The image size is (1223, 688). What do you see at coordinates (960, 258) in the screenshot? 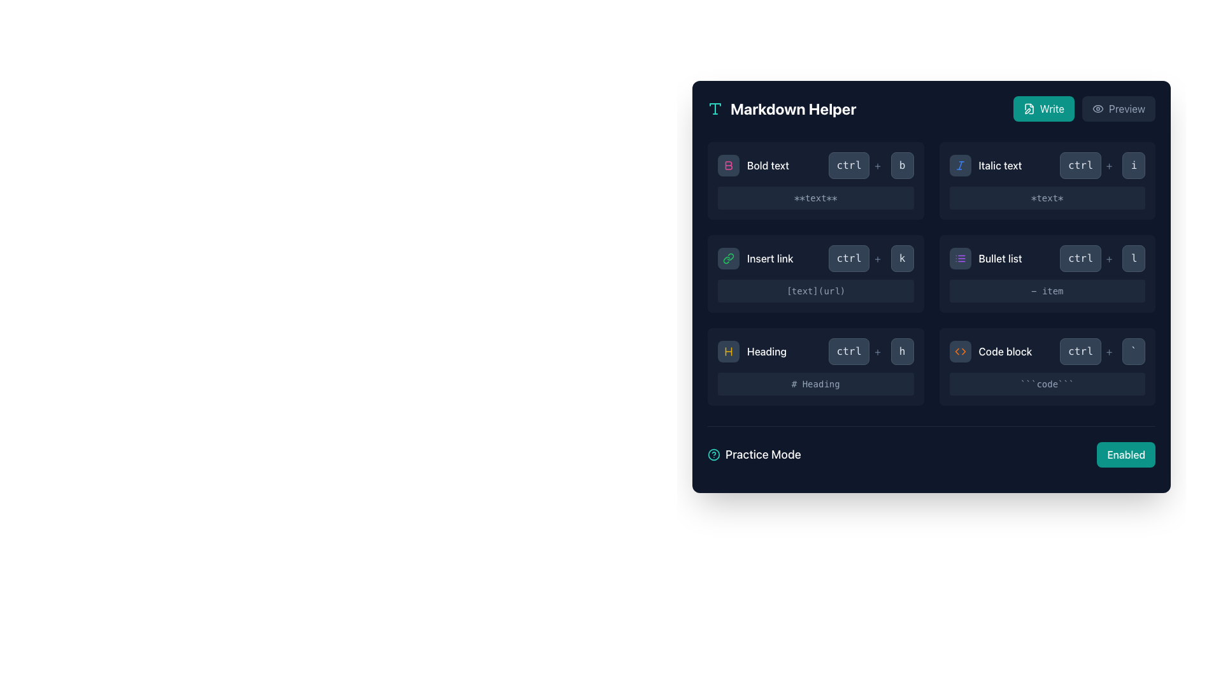
I see `the square-shaped button with a purple bullet list icon on a slate-colored background` at bounding box center [960, 258].